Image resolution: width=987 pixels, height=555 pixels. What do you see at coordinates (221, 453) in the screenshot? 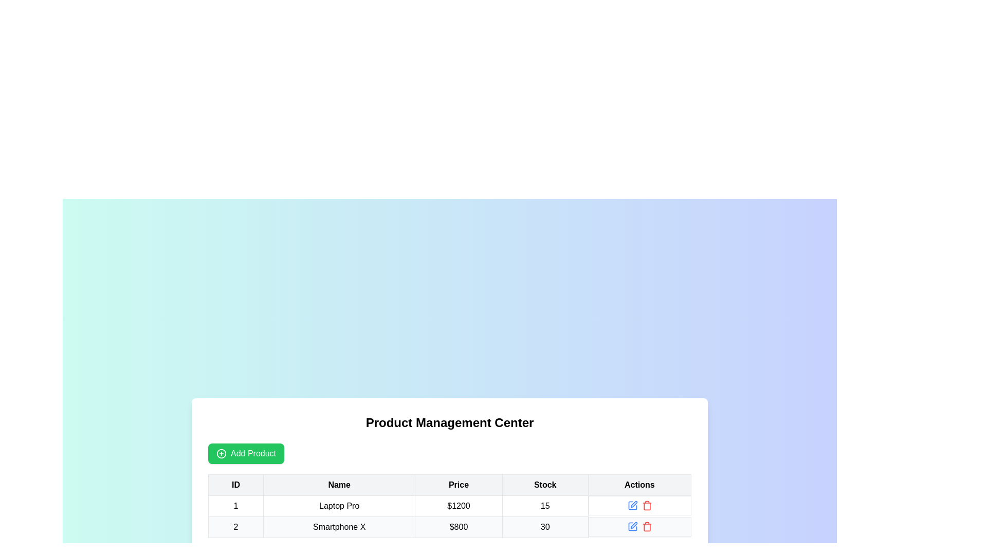
I see `the circular icon with a plus sign located inside the green rectangular 'Add Product' button on the left side of the Product Management interface` at bounding box center [221, 453].